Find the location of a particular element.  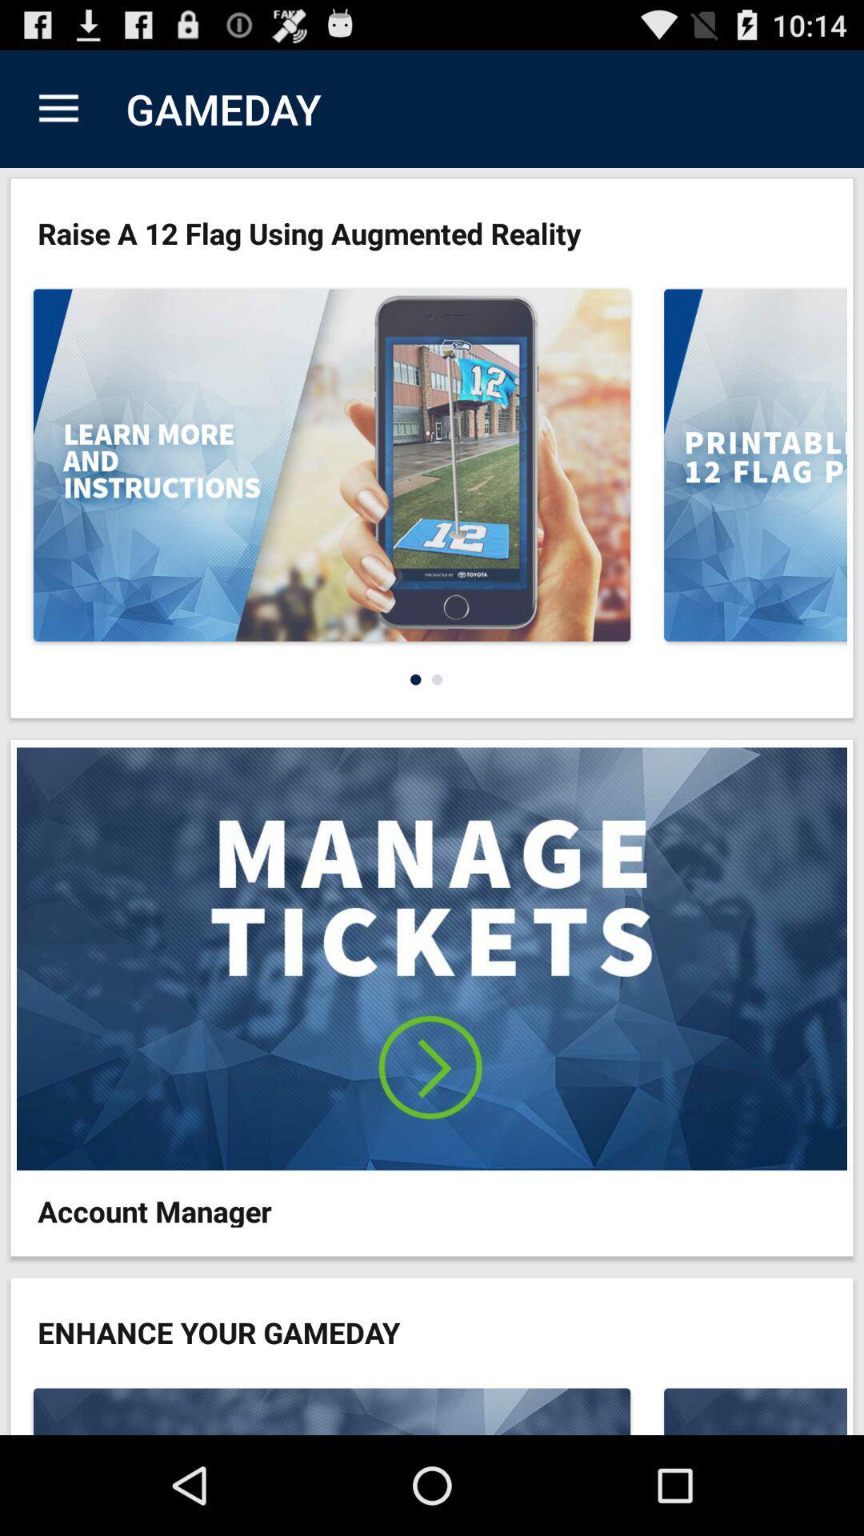

the icon next to the gameday app is located at coordinates (58, 108).